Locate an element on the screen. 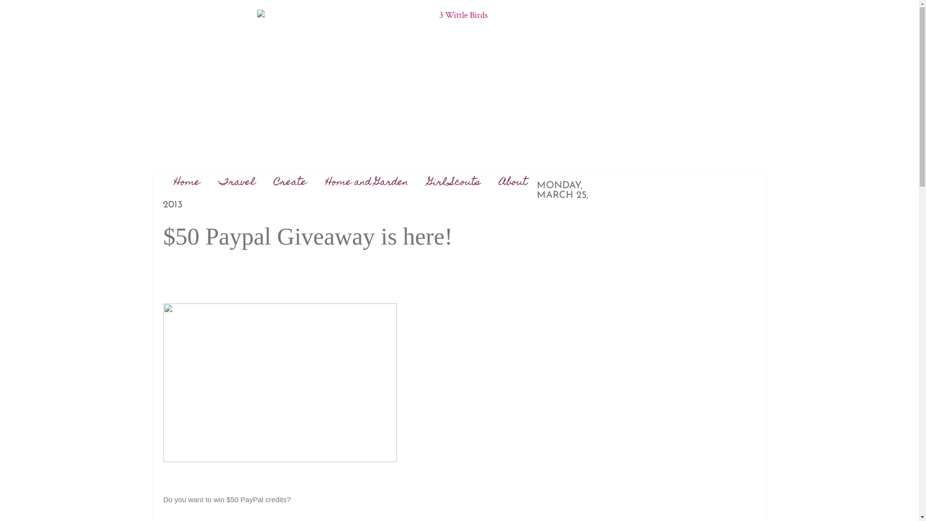  'Home and Garden' is located at coordinates (317, 182).